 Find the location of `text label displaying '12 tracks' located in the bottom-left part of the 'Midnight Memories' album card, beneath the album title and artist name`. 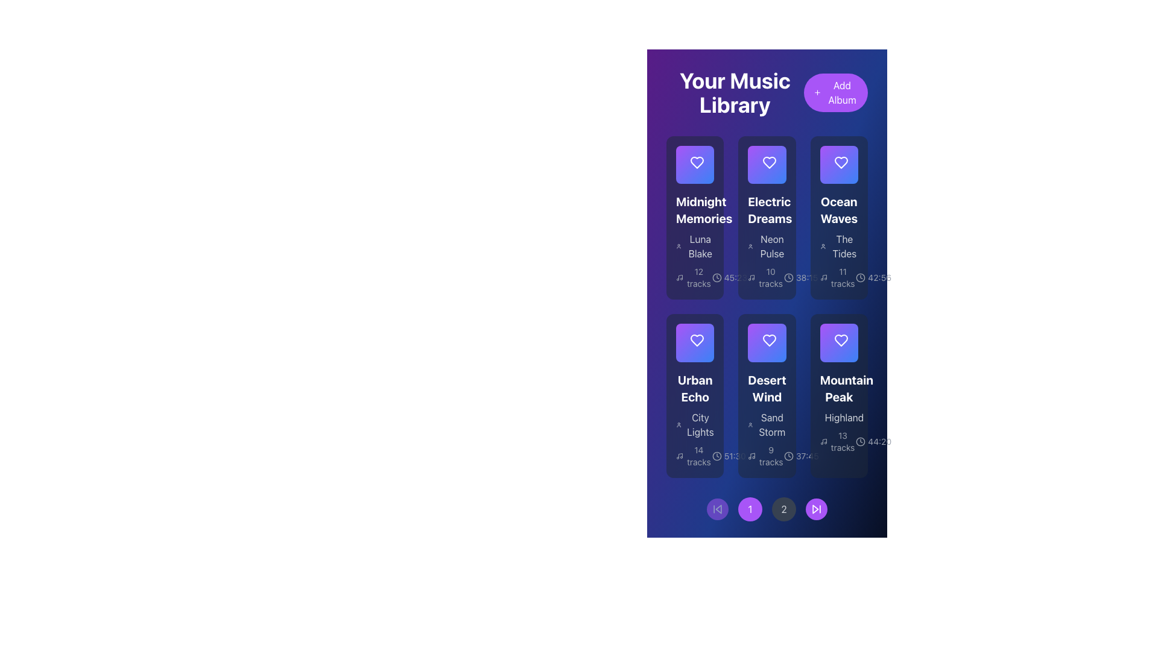

text label displaying '12 tracks' located in the bottom-left part of the 'Midnight Memories' album card, beneath the album title and artist name is located at coordinates (698, 278).